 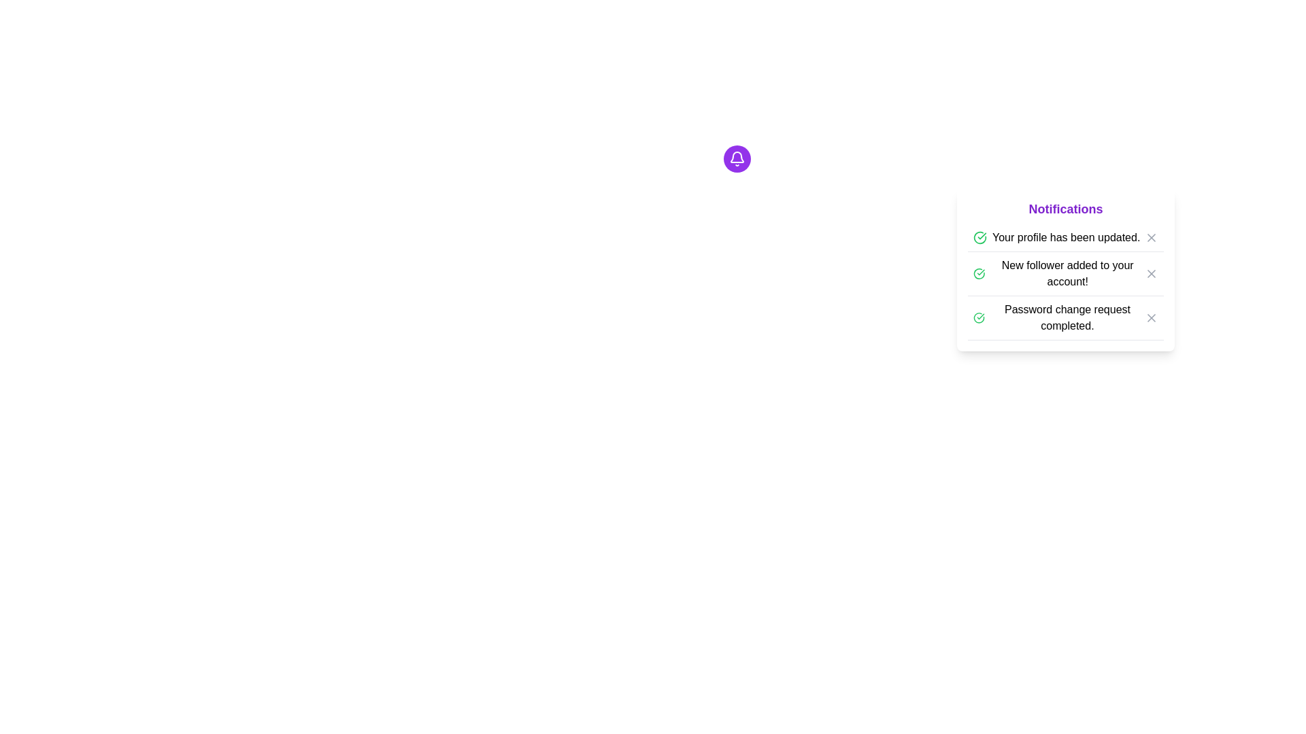 What do you see at coordinates (1065, 318) in the screenshot?
I see `notification message indicating the successful completion of the password change request, which is the third item in the list of notifications` at bounding box center [1065, 318].